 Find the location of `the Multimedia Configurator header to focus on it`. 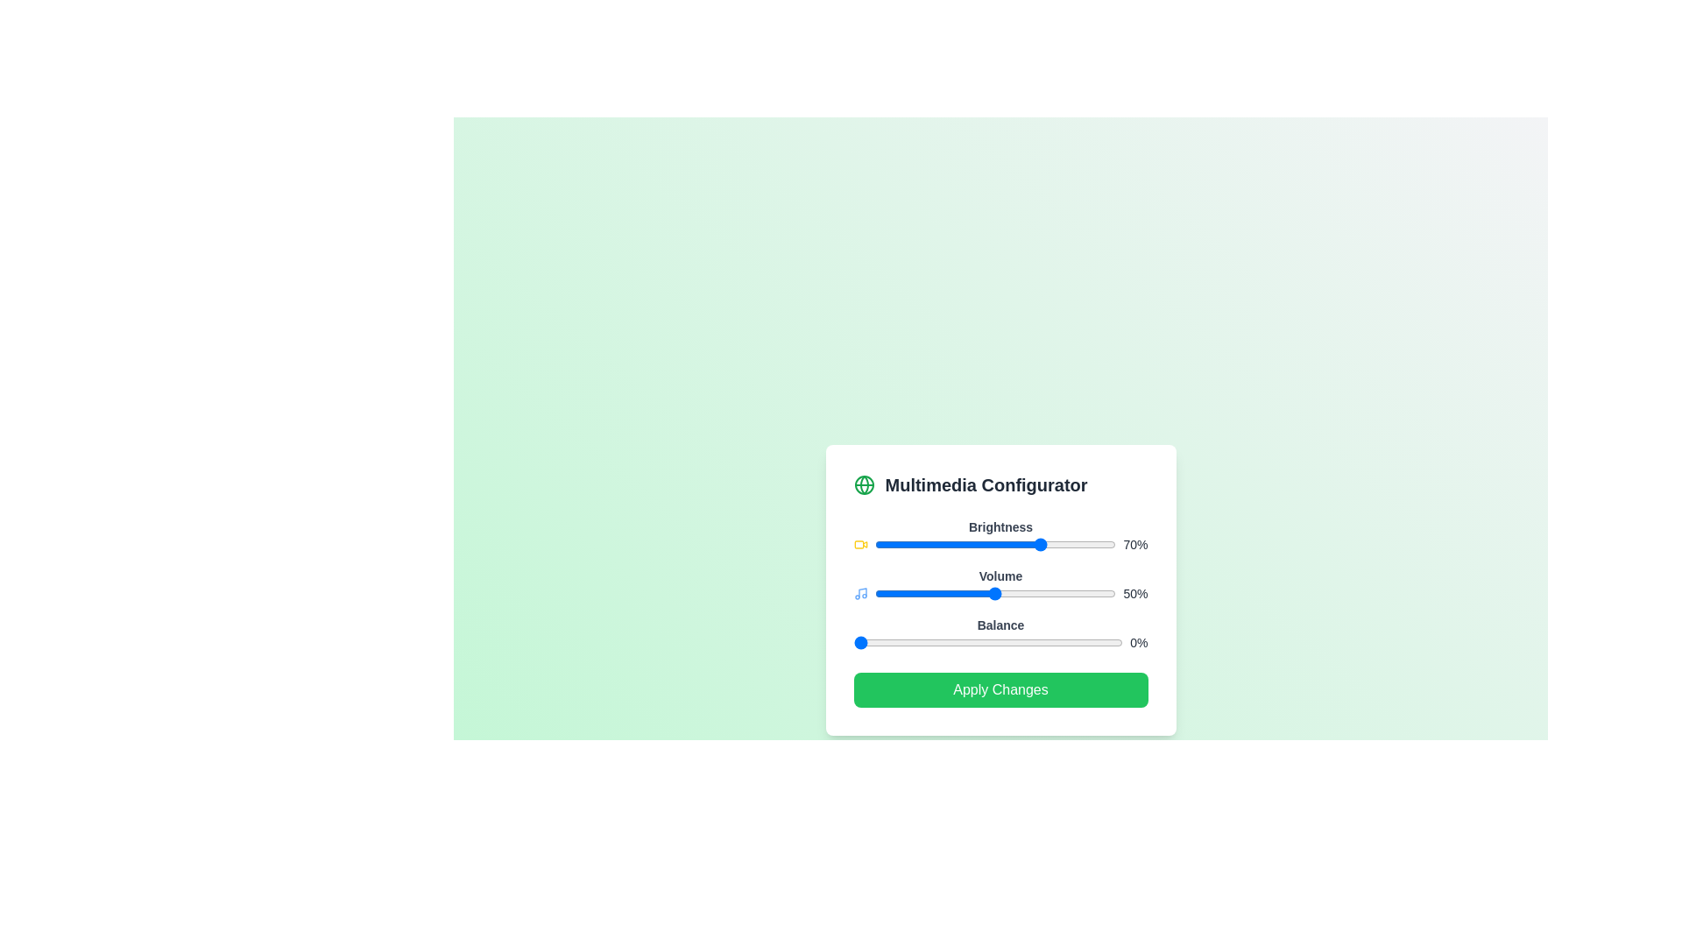

the Multimedia Configurator header to focus on it is located at coordinates (1000, 485).